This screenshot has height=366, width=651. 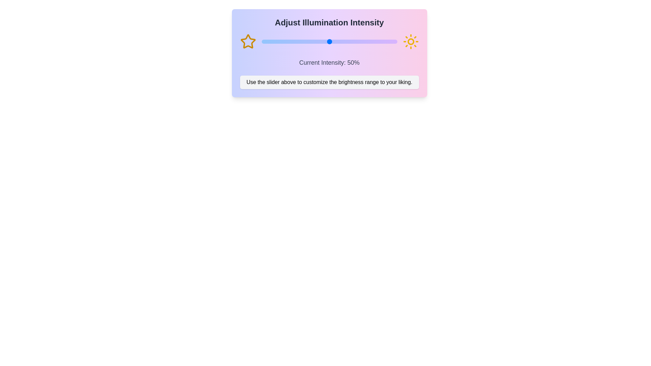 What do you see at coordinates (394, 42) in the screenshot?
I see `the slider to set the intensity to 98%` at bounding box center [394, 42].